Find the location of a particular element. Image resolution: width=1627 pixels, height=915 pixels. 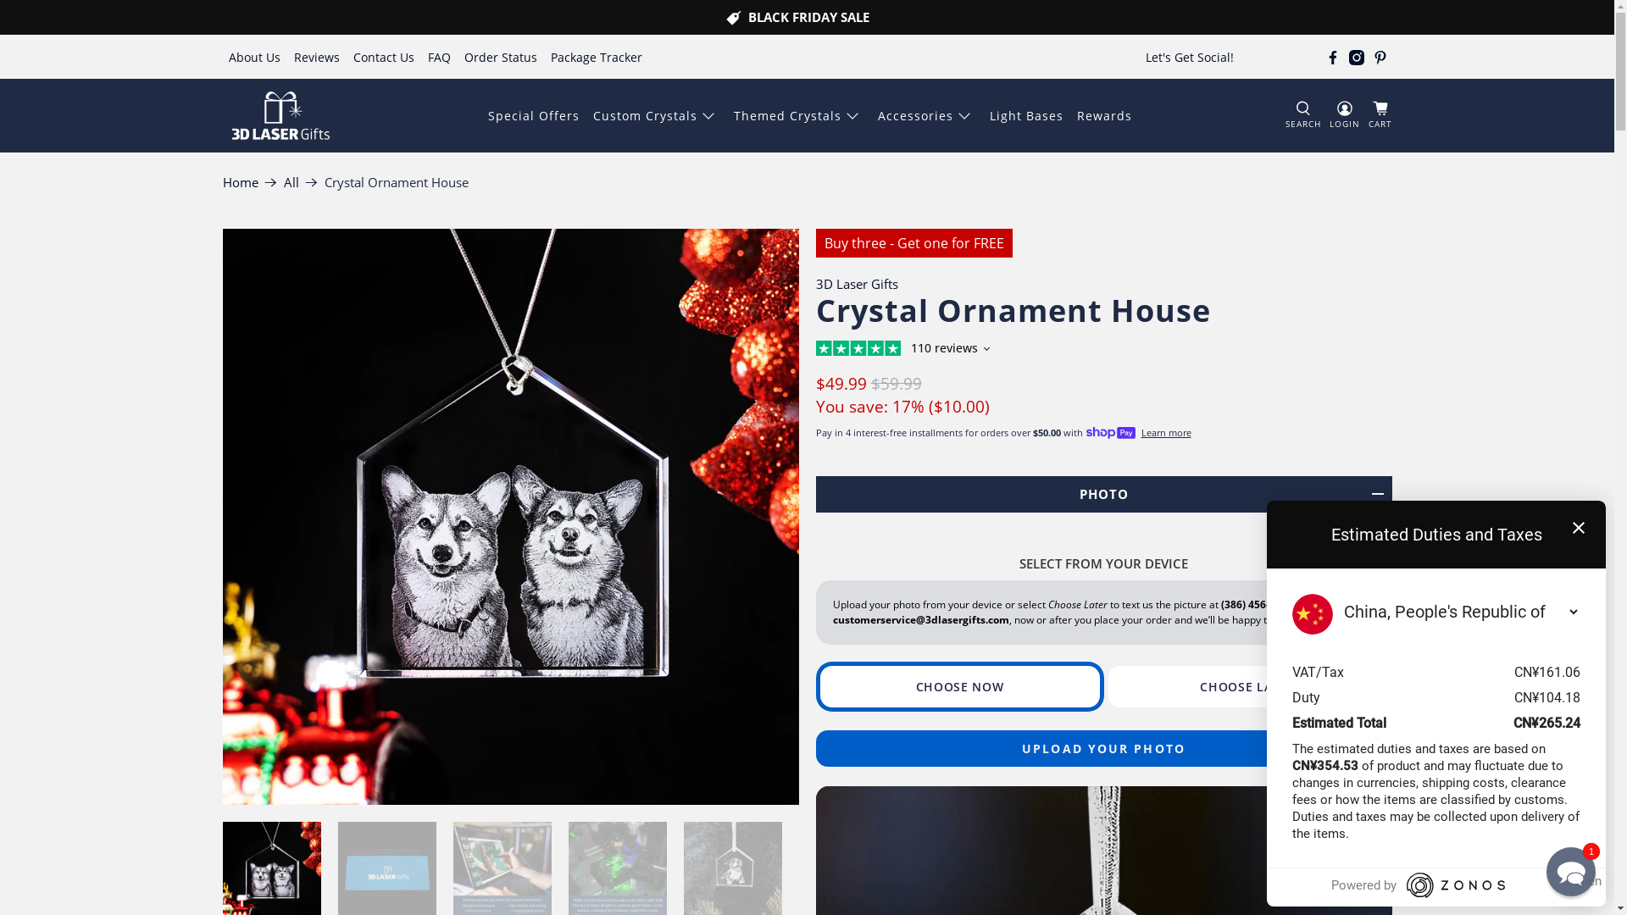

'Themed Crystals' is located at coordinates (797, 114).